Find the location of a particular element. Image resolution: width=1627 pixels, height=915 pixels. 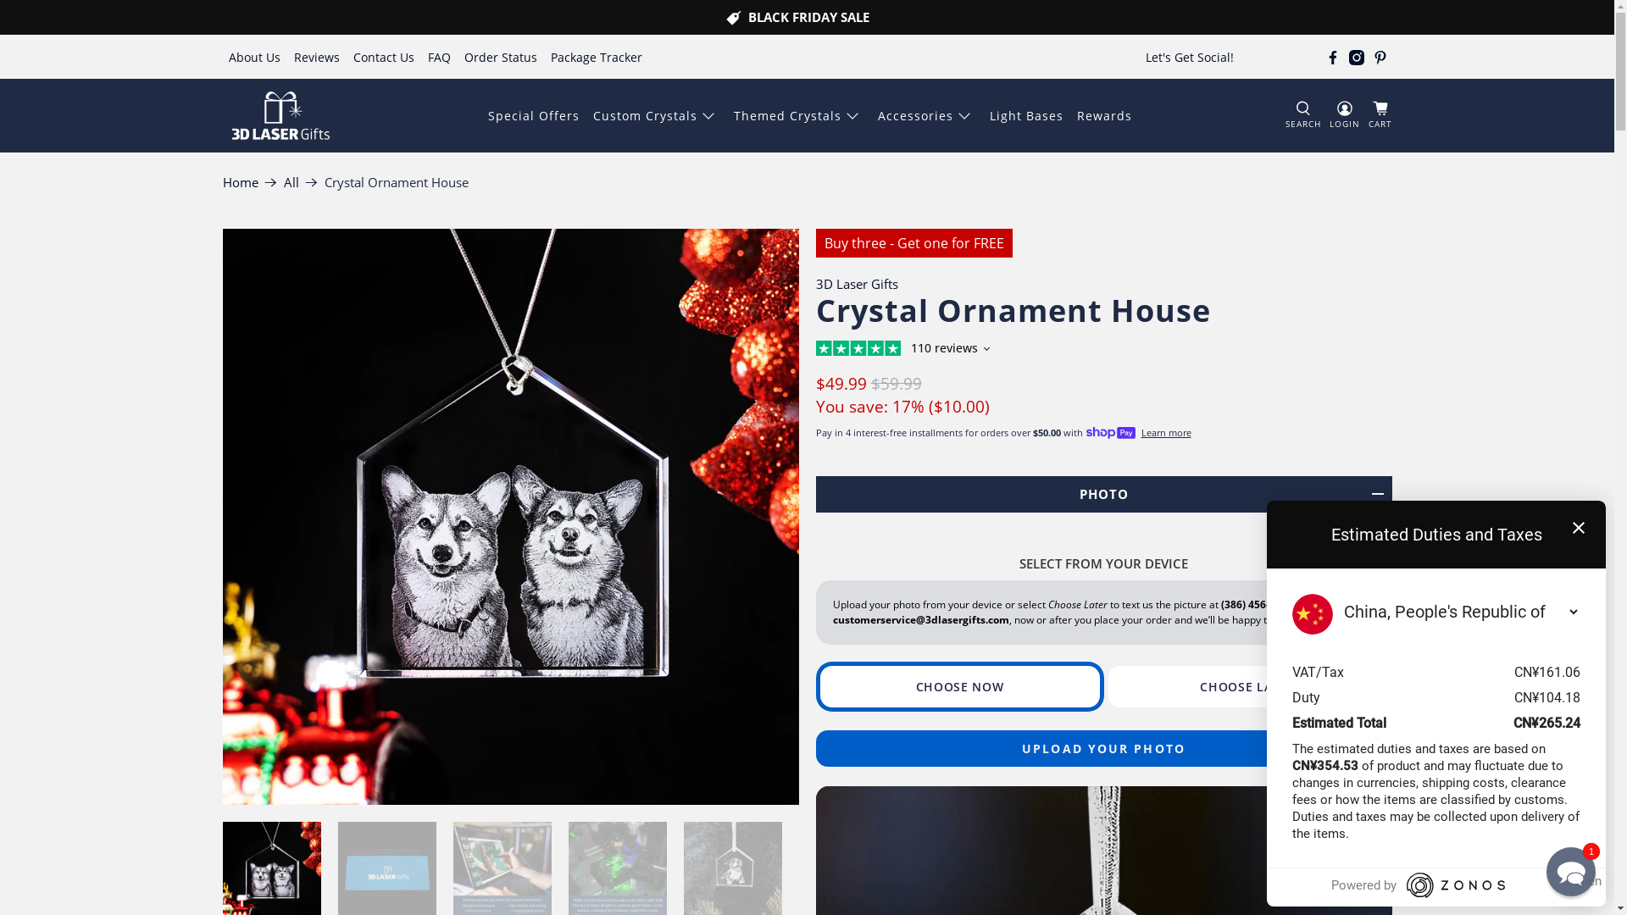

'Themed Crystals' is located at coordinates (797, 114).